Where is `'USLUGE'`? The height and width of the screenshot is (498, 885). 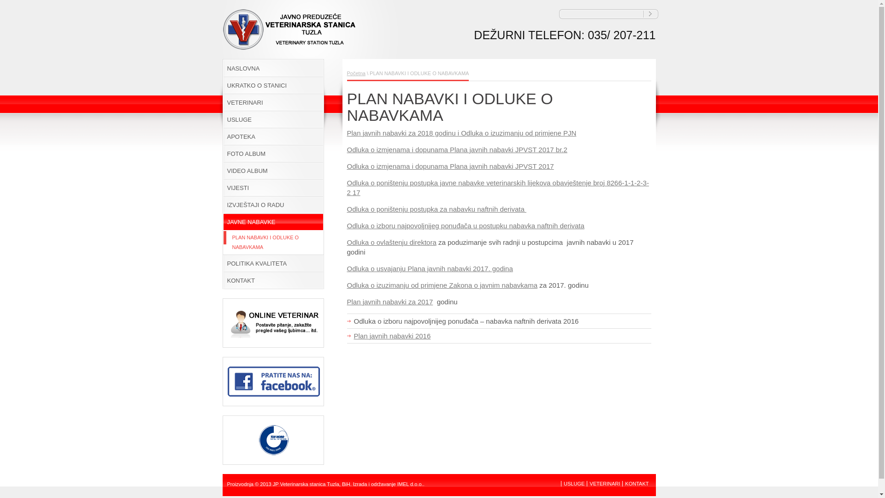 'USLUGE' is located at coordinates (222, 119).